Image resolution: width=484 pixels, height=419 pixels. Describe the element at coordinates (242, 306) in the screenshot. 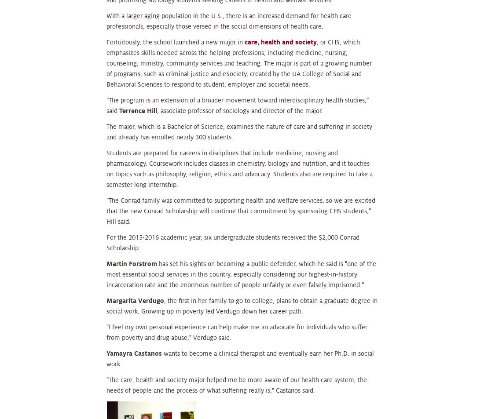

I see `', the first in her family to go to college, plans to obtain a graduate degree in social work. Growing up in poverty led Verdugo down her career path.'` at that location.